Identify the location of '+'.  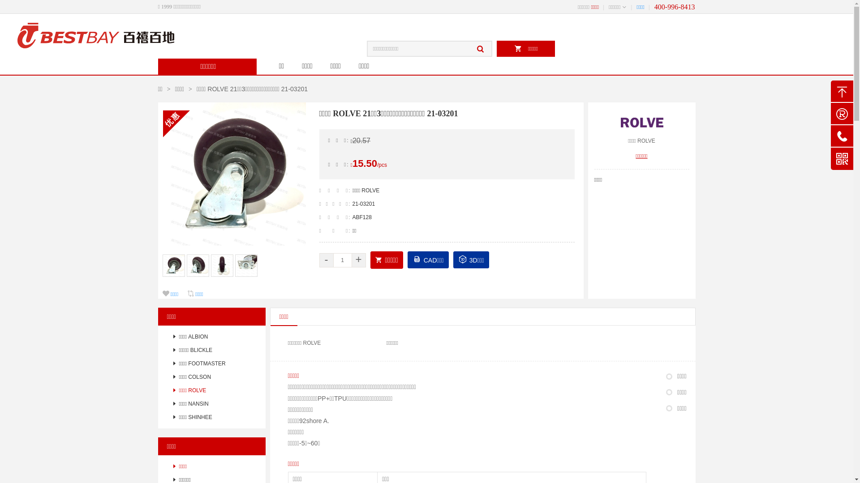
(358, 260).